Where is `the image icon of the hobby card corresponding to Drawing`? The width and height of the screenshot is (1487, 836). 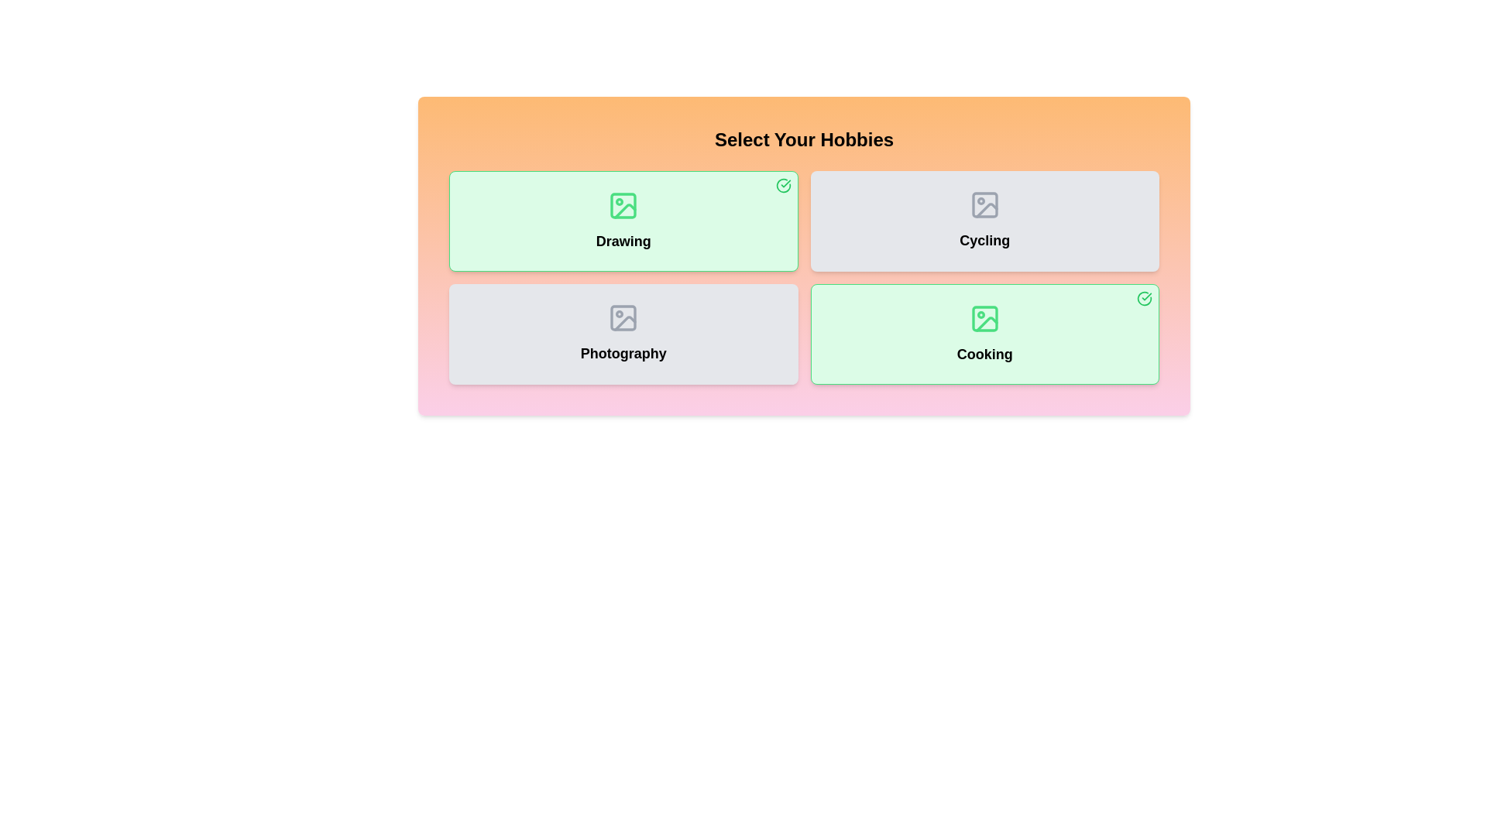
the image icon of the hobby card corresponding to Drawing is located at coordinates (623, 205).